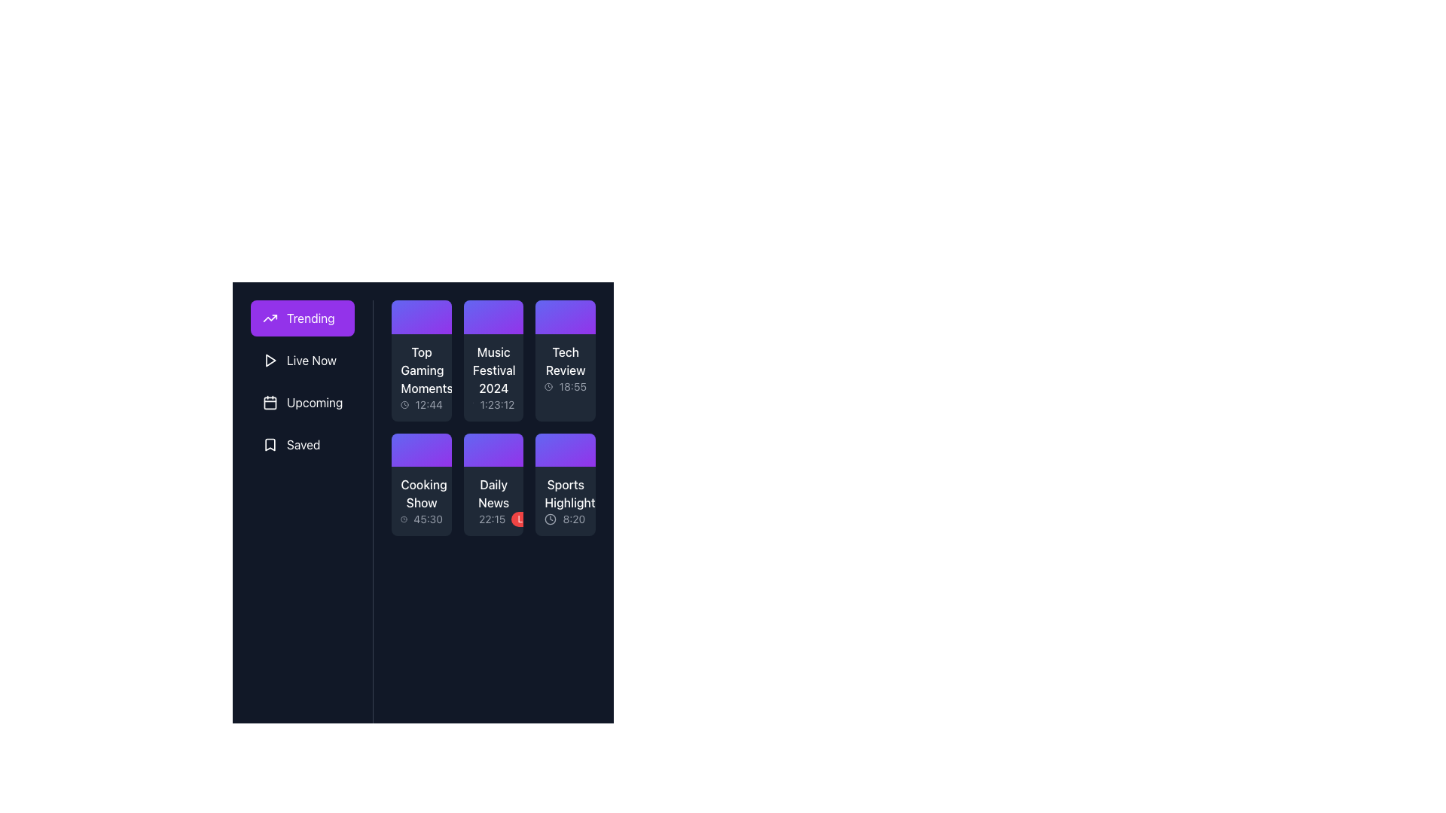  What do you see at coordinates (422, 485) in the screenshot?
I see `the 'Cooking Show' Media event card located in the second row, first column of the grid` at bounding box center [422, 485].